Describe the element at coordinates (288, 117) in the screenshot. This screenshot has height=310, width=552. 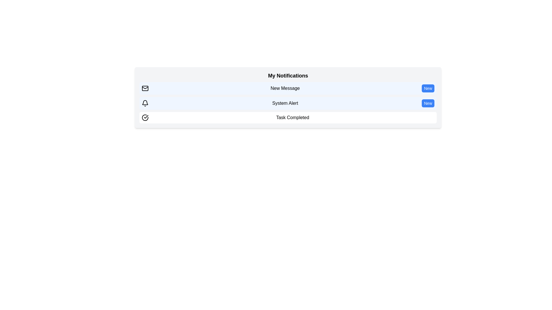
I see `the third notification item in the 'My Notifications' list` at that location.